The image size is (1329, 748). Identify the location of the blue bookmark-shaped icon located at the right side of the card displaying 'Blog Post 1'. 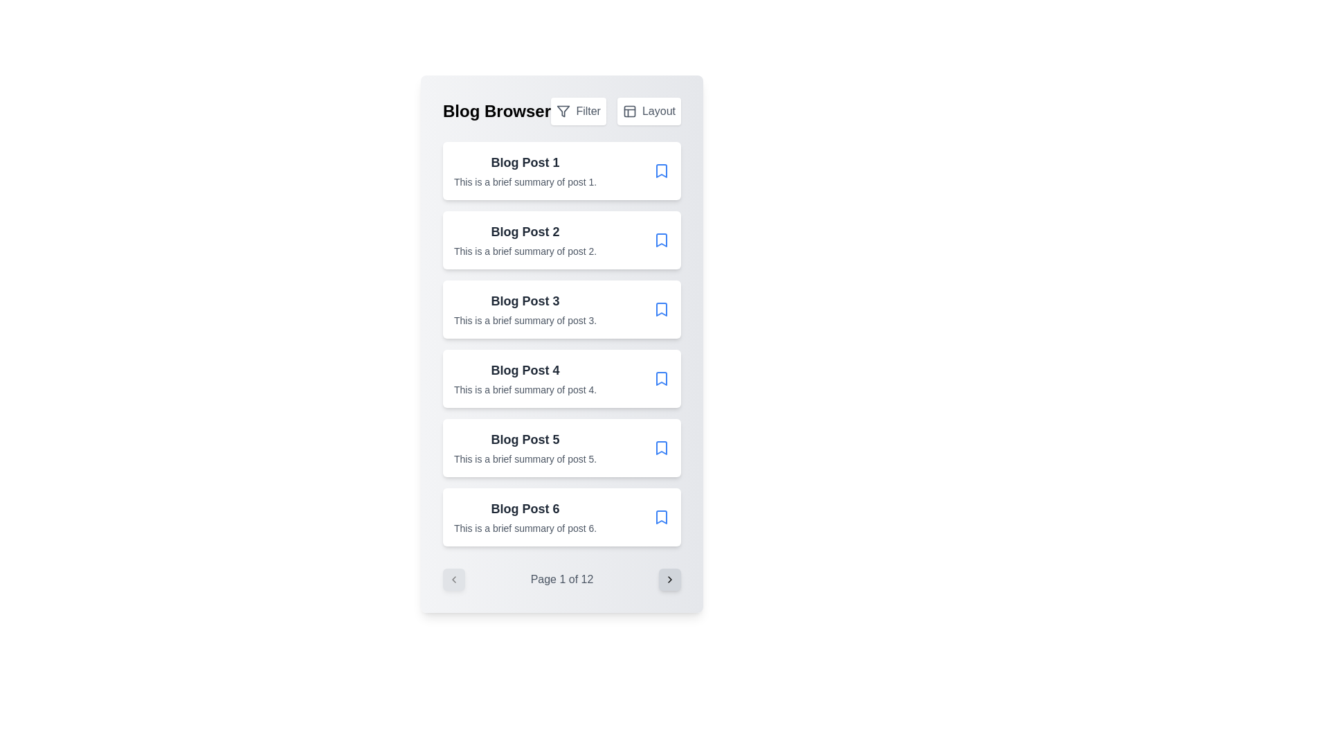
(660, 170).